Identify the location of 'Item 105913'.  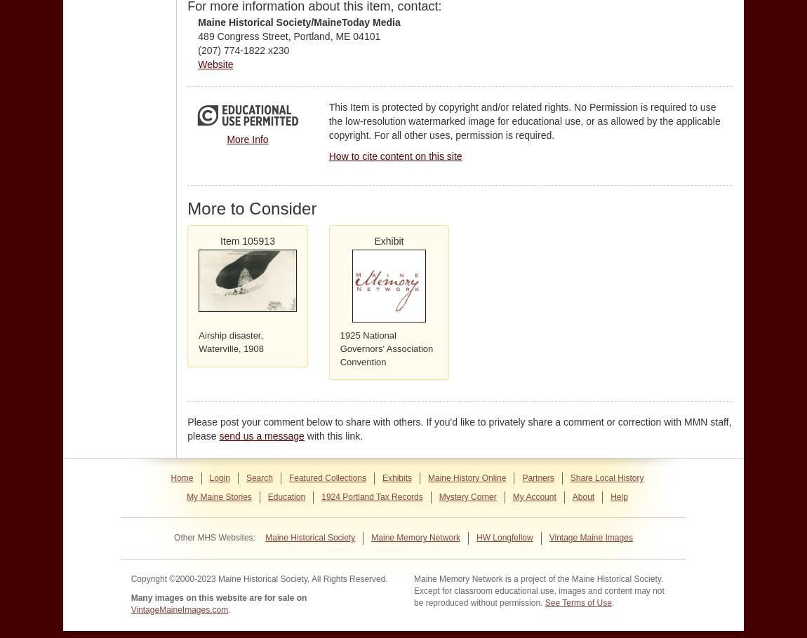
(220, 240).